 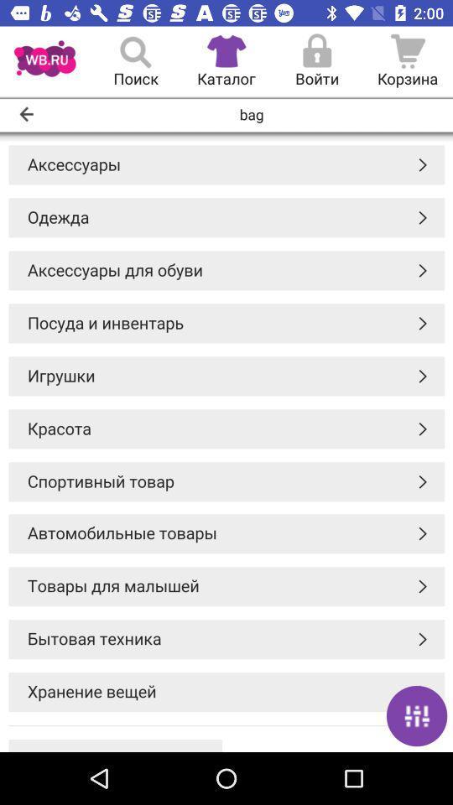 I want to click on the cart icon, so click(x=407, y=61).